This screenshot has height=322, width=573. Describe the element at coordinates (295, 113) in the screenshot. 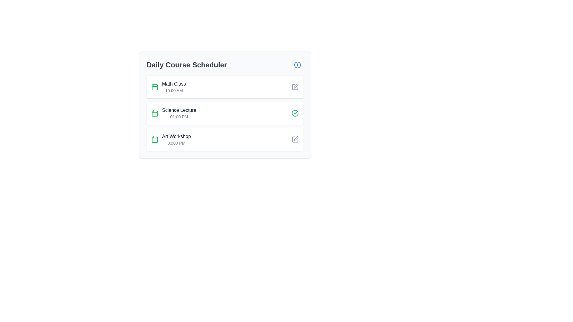

I see `the circular green icon with a checkmark symbol indicating status or completion, located at the top right corner of the 'Science Lecture' item in the list` at that location.